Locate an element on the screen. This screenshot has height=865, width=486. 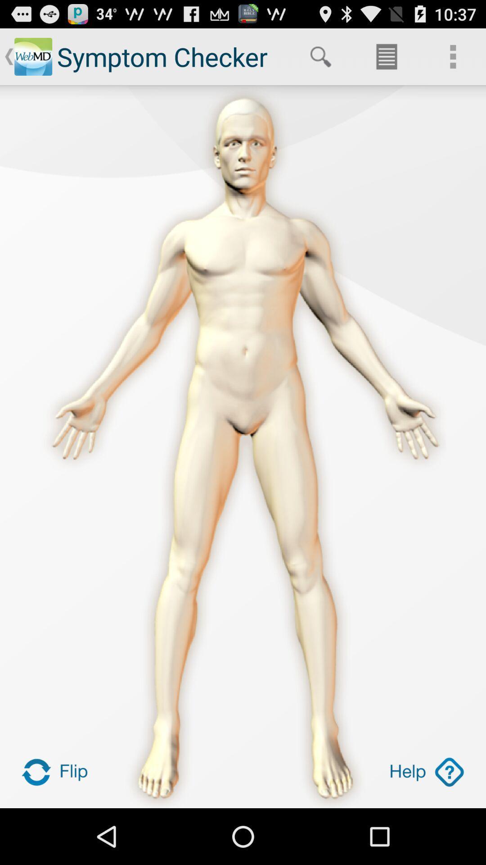
turns the image around is located at coordinates (59, 771).